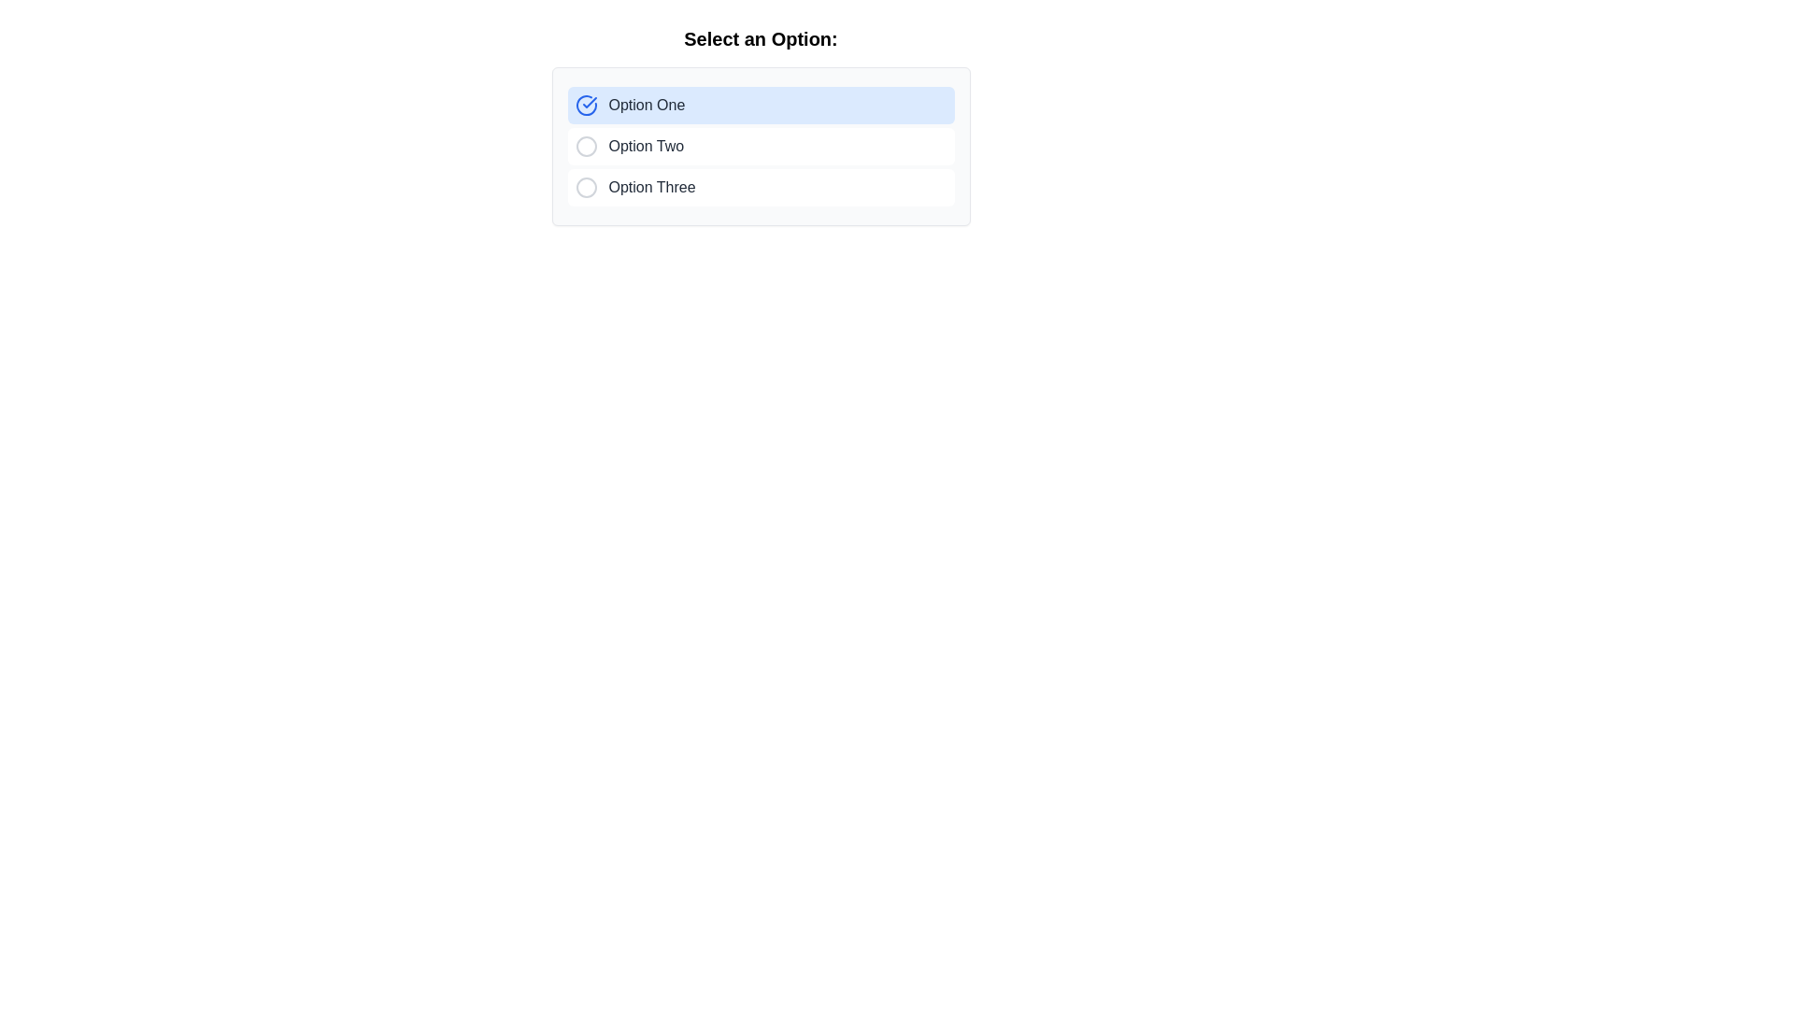 This screenshot has height=1009, width=1794. Describe the element at coordinates (585, 187) in the screenshot. I see `the state of the Radio Button Indicator associated with the label 'Option Three', which is a circular SVG element with a gray stroke located in the third option's radio button group` at that location.